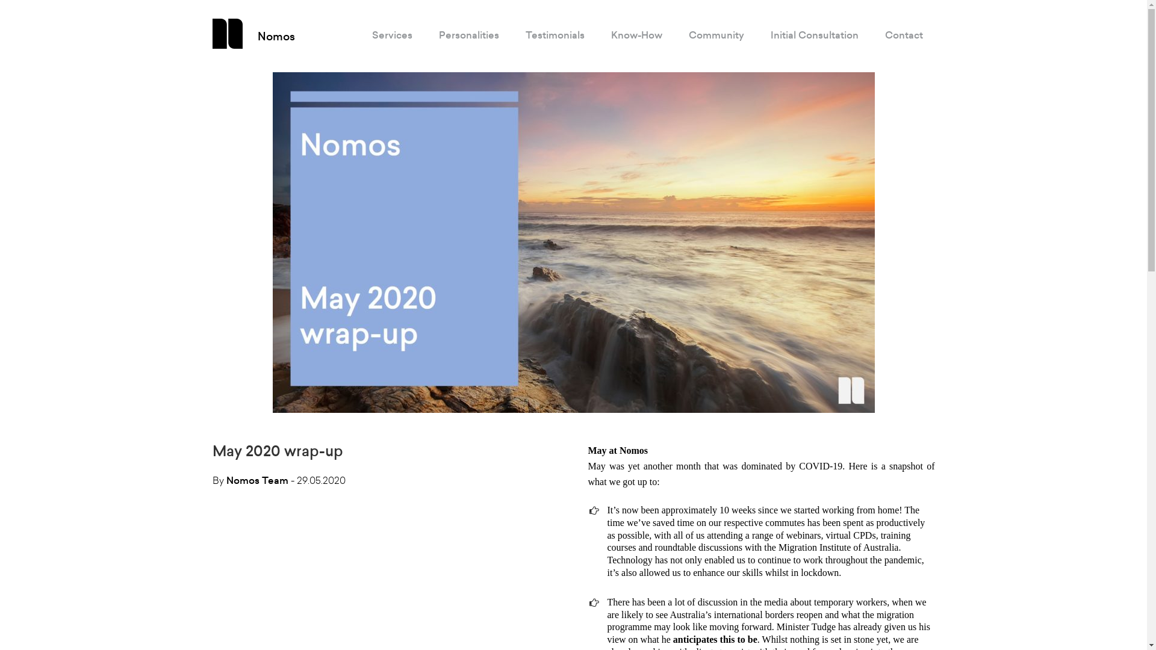 This screenshot has height=650, width=1156. I want to click on 'Community', so click(716, 34).